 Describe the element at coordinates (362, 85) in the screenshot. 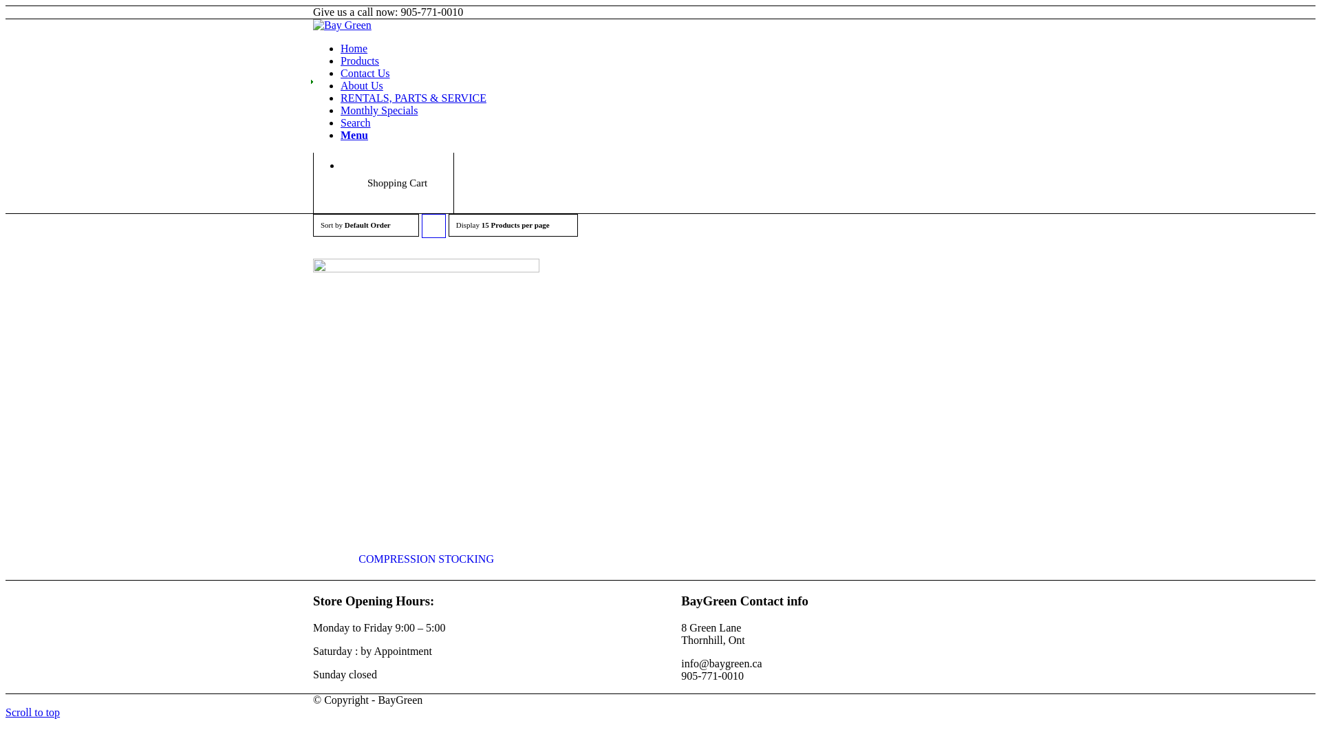

I see `'About Us'` at that location.